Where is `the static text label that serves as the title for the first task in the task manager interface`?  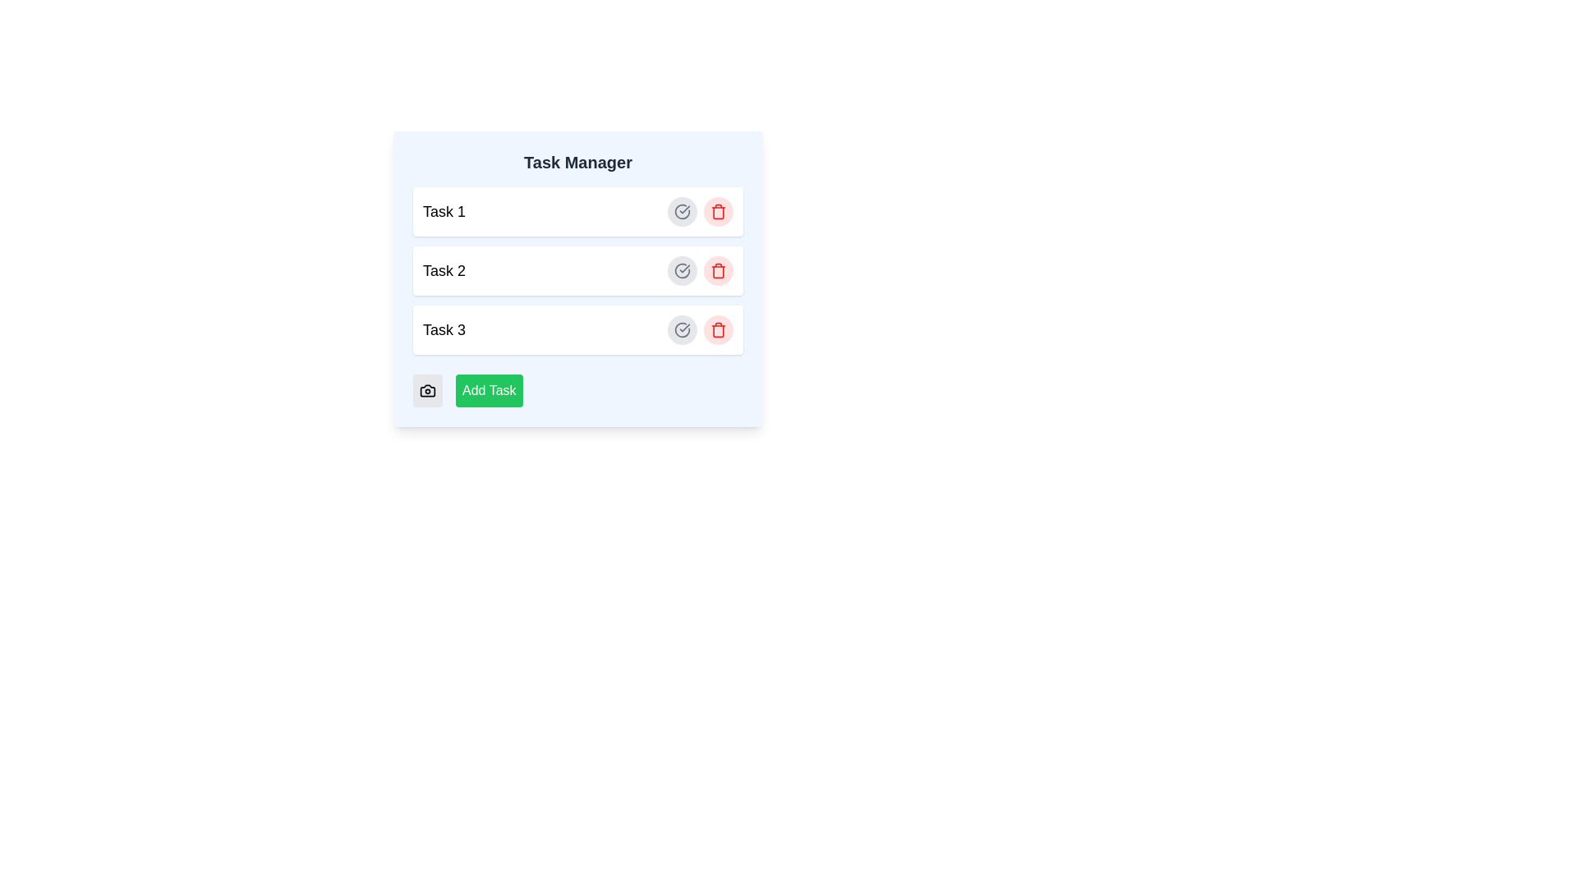
the static text label that serves as the title for the first task in the task manager interface is located at coordinates (444, 211).